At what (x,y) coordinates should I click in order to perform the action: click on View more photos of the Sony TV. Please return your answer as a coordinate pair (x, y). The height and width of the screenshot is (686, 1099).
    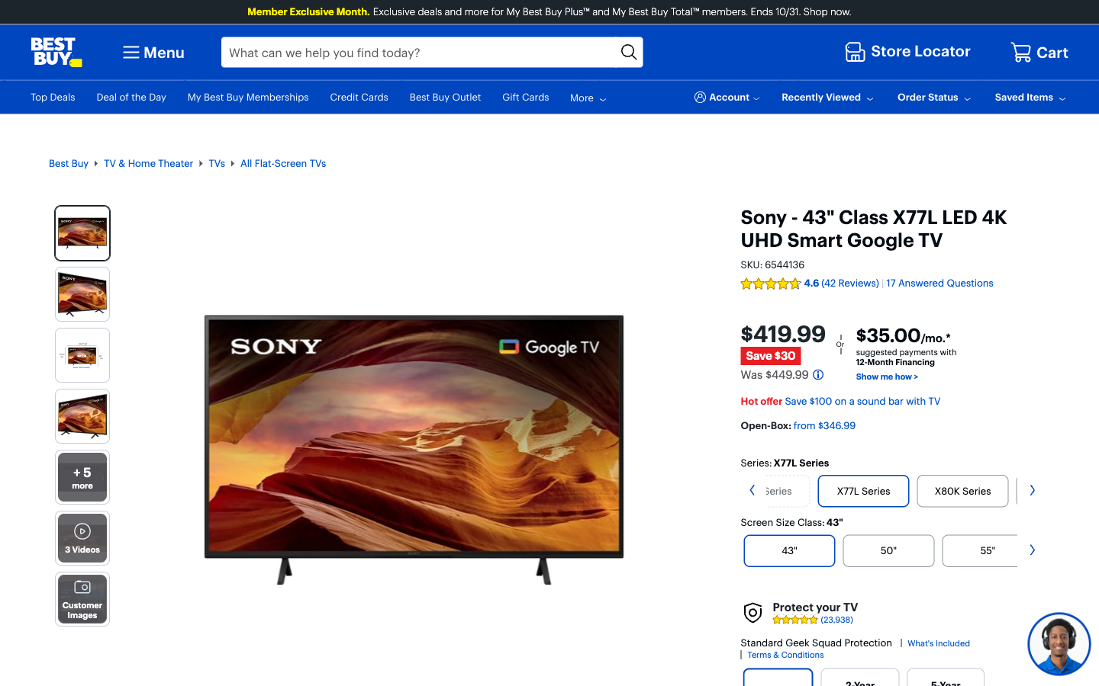
    Looking at the image, I should click on (82, 477).